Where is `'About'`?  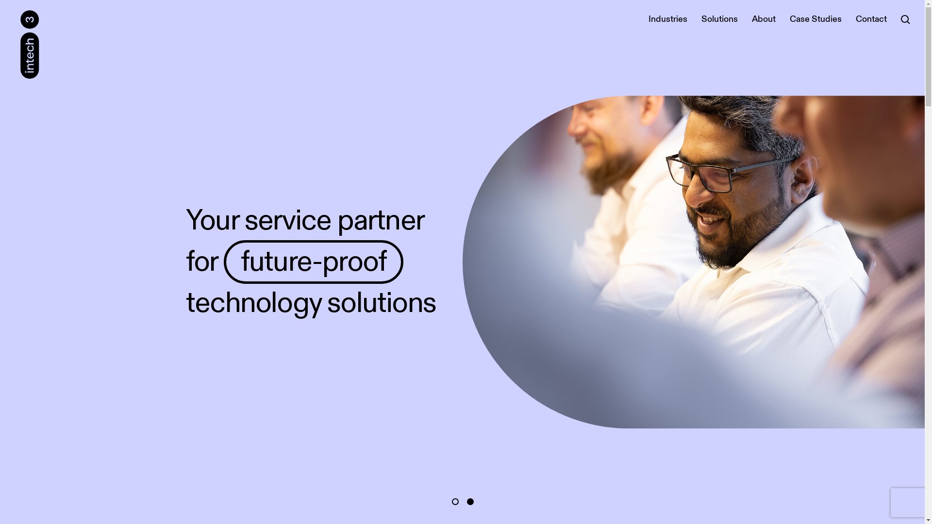
'About' is located at coordinates (763, 19).